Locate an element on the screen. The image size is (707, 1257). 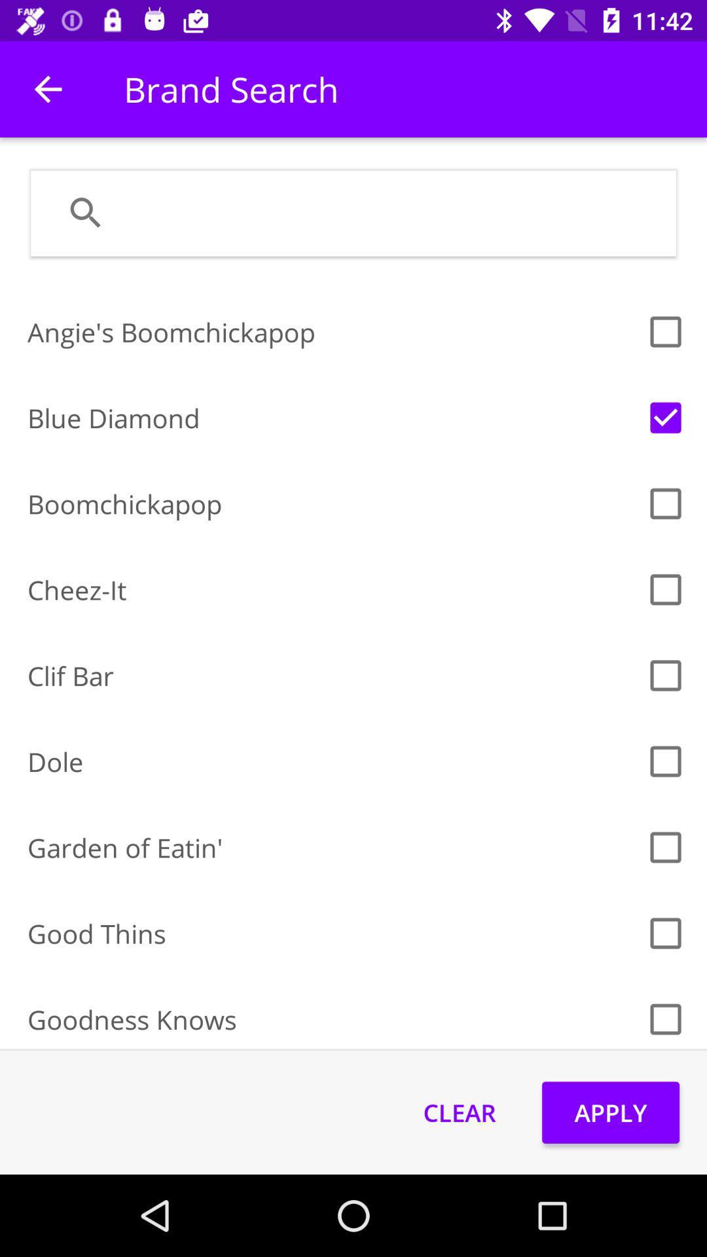
garden of eatin' item is located at coordinates (332, 847).